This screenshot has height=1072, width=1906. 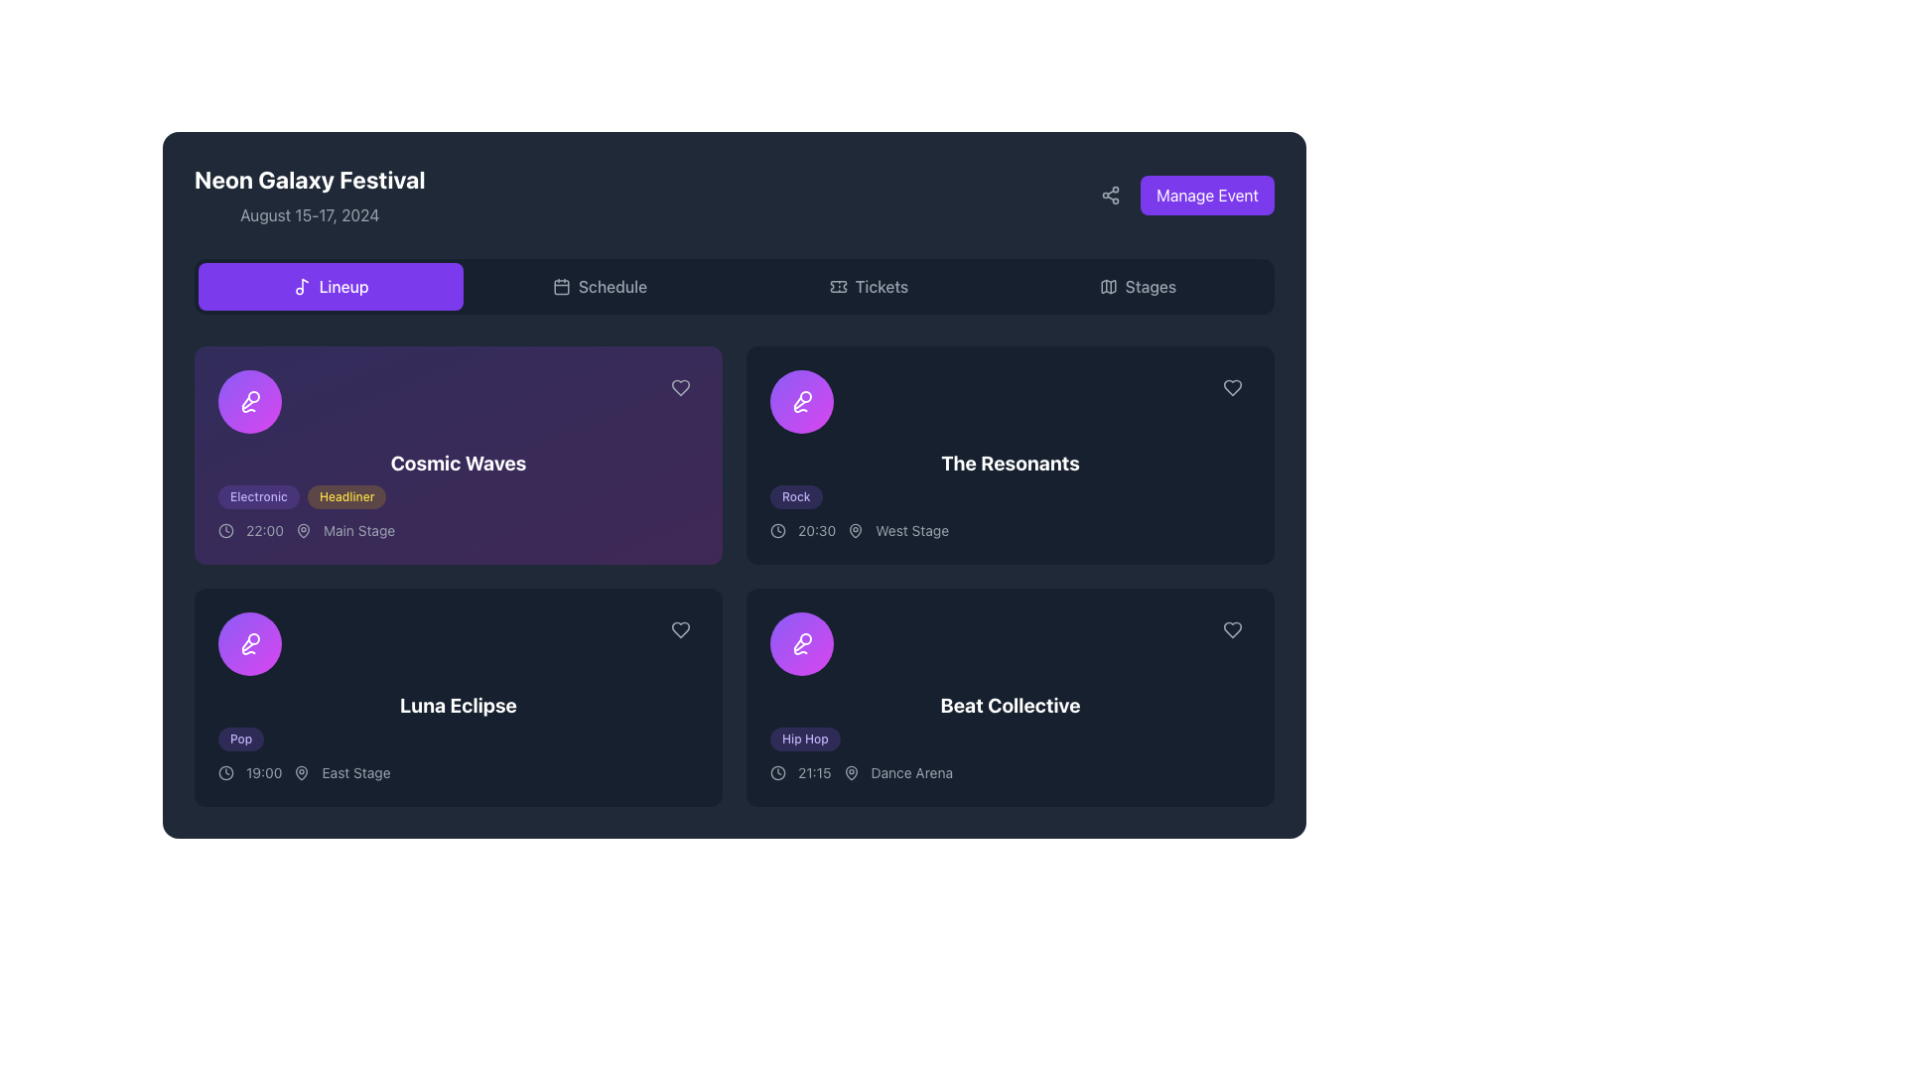 What do you see at coordinates (805, 738) in the screenshot?
I see `the 'Beat Collective' label/tag located in the 'Lineup' section, which indicates the music genre associated with the event` at bounding box center [805, 738].